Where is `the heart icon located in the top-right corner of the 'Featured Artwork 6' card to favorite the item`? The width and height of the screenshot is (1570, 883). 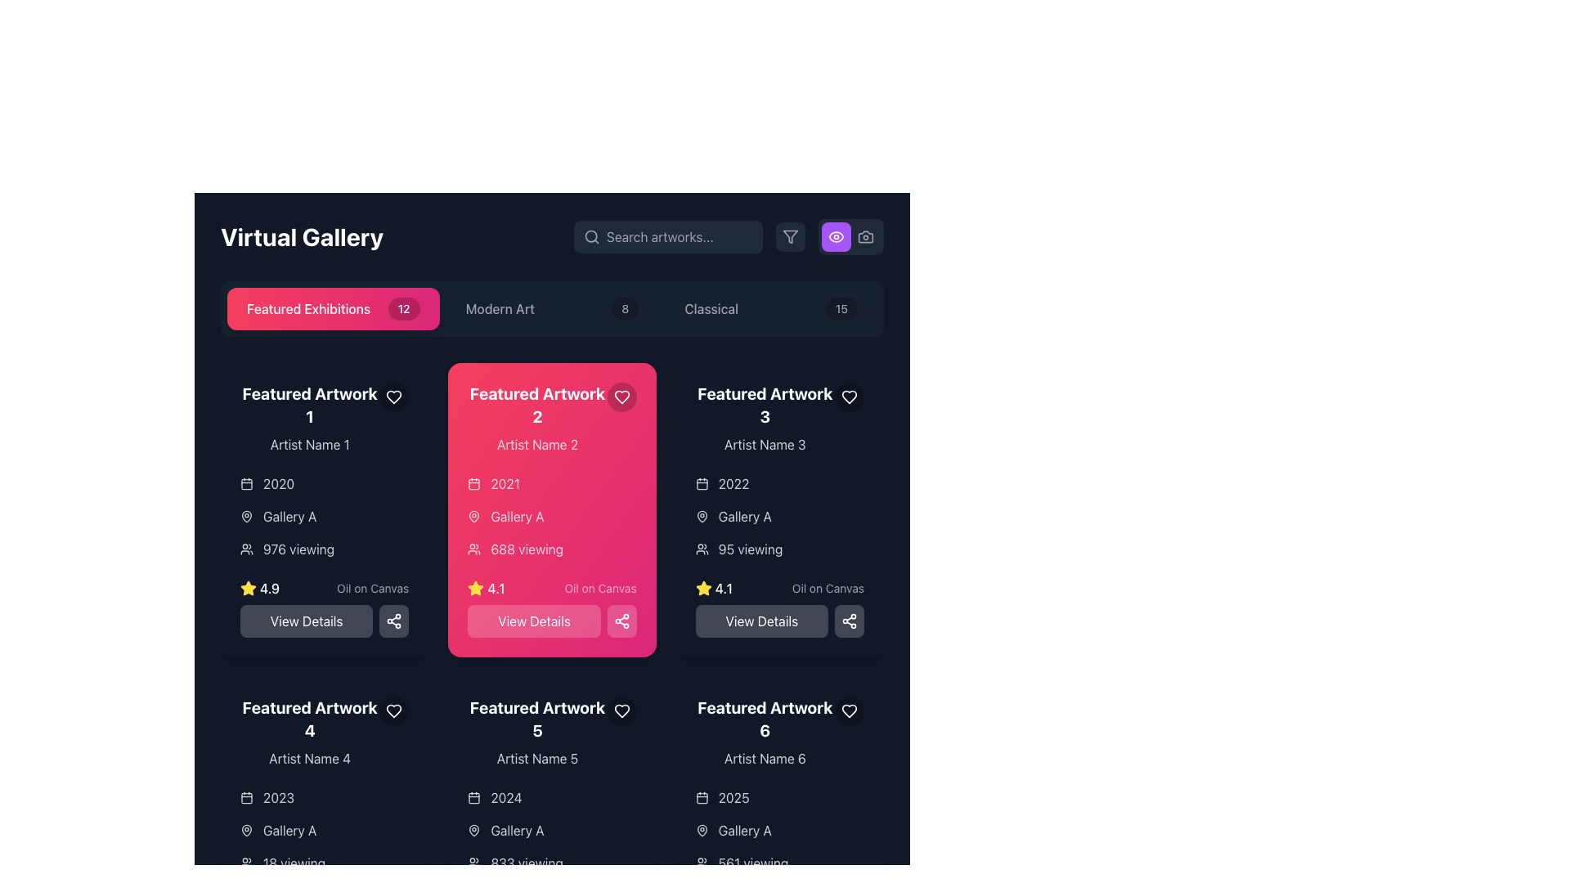 the heart icon located in the top-right corner of the 'Featured Artwork 6' card to favorite the item is located at coordinates (849, 710).